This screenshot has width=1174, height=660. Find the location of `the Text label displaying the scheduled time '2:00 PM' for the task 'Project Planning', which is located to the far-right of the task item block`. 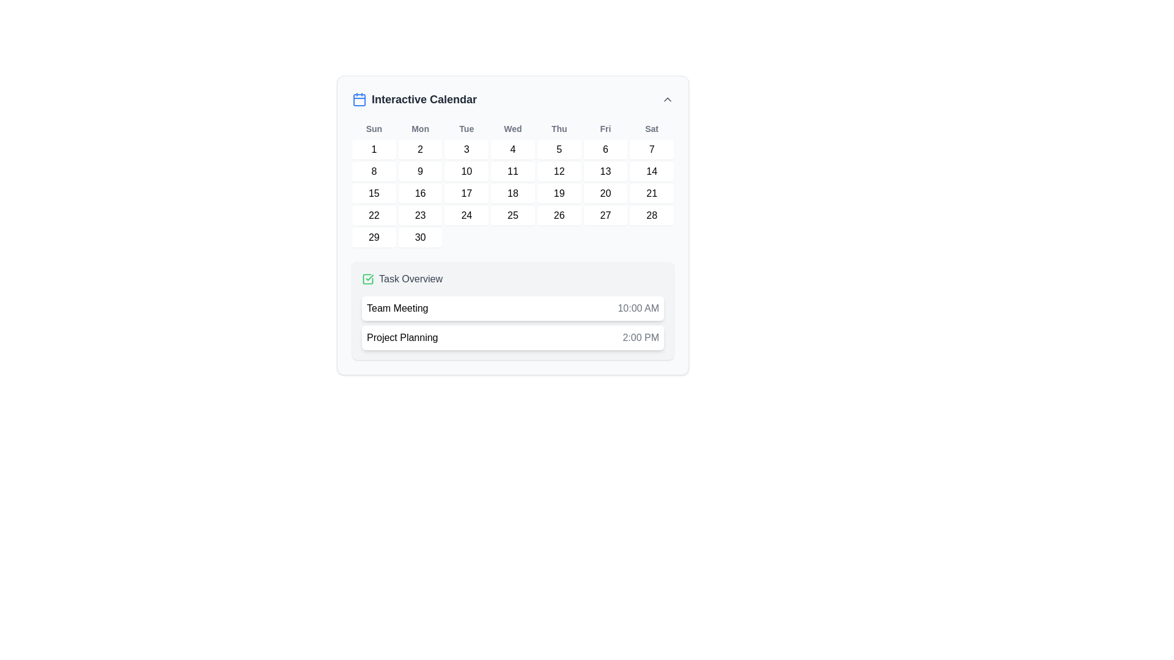

the Text label displaying the scheduled time '2:00 PM' for the task 'Project Planning', which is located to the far-right of the task item block is located at coordinates (640, 337).